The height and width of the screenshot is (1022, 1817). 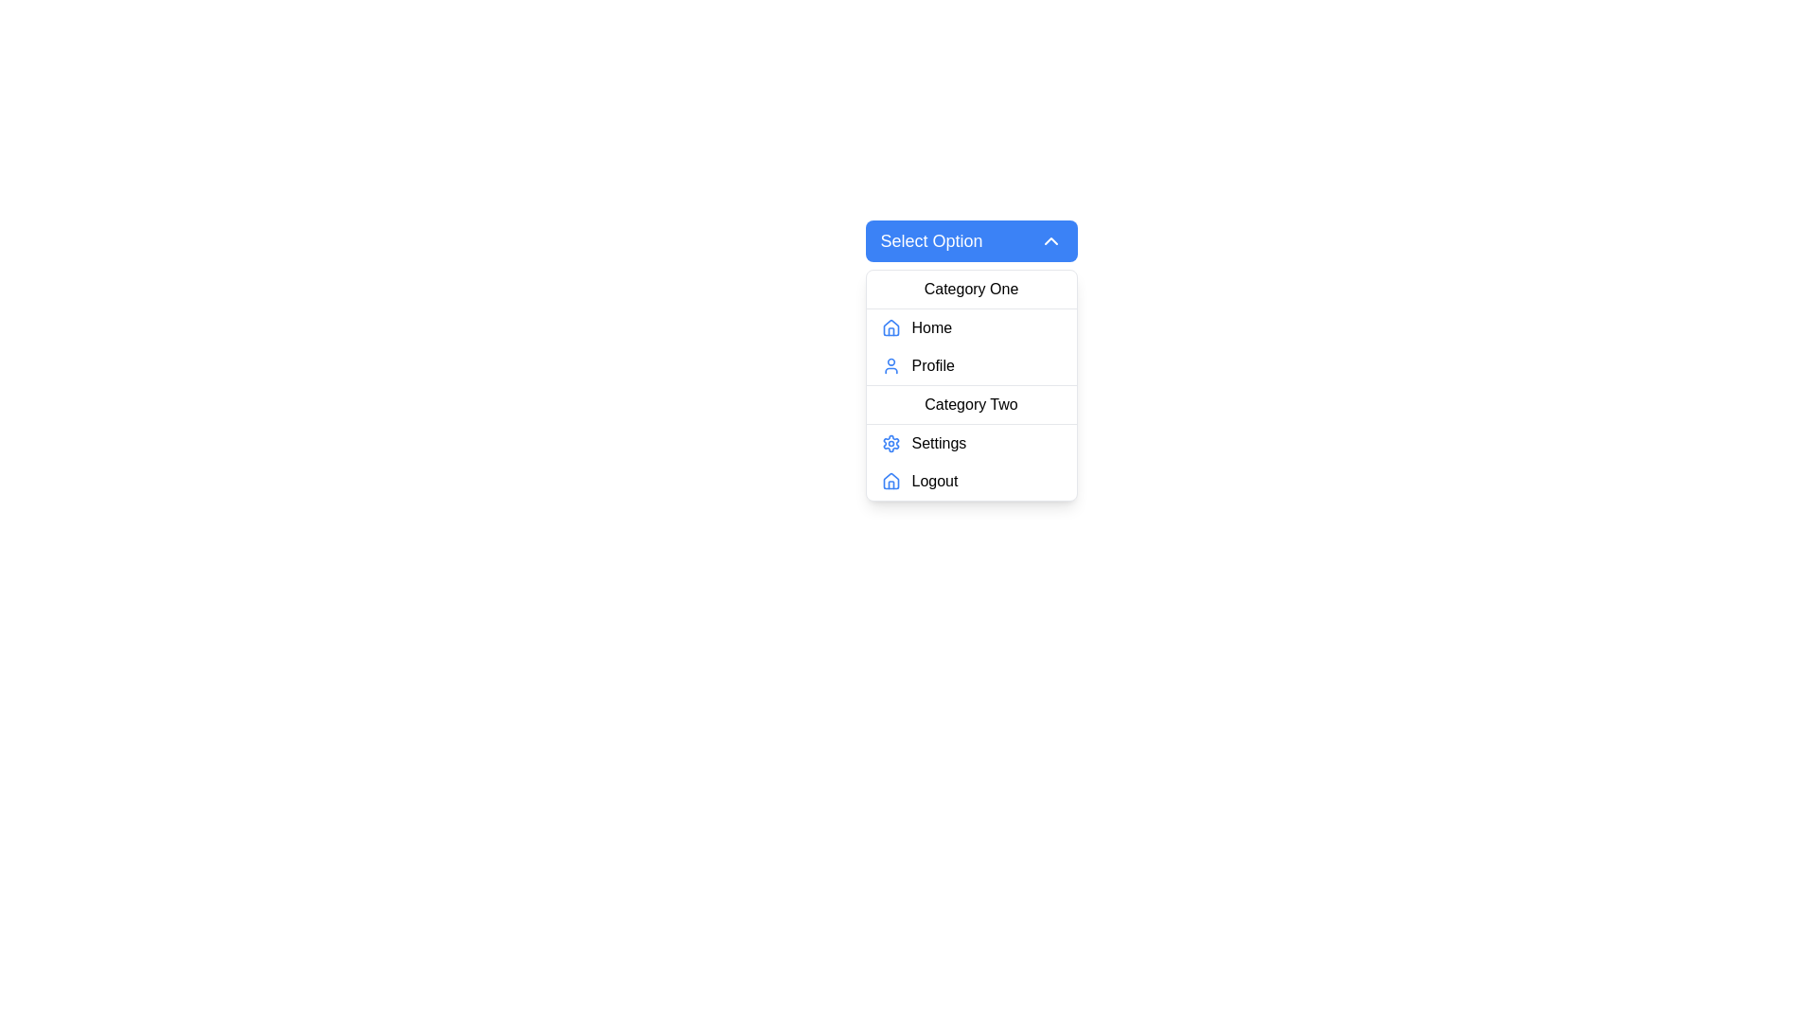 What do you see at coordinates (890, 444) in the screenshot?
I see `the gear icon representing the settings option located in the vertical menu under 'Category Two'` at bounding box center [890, 444].